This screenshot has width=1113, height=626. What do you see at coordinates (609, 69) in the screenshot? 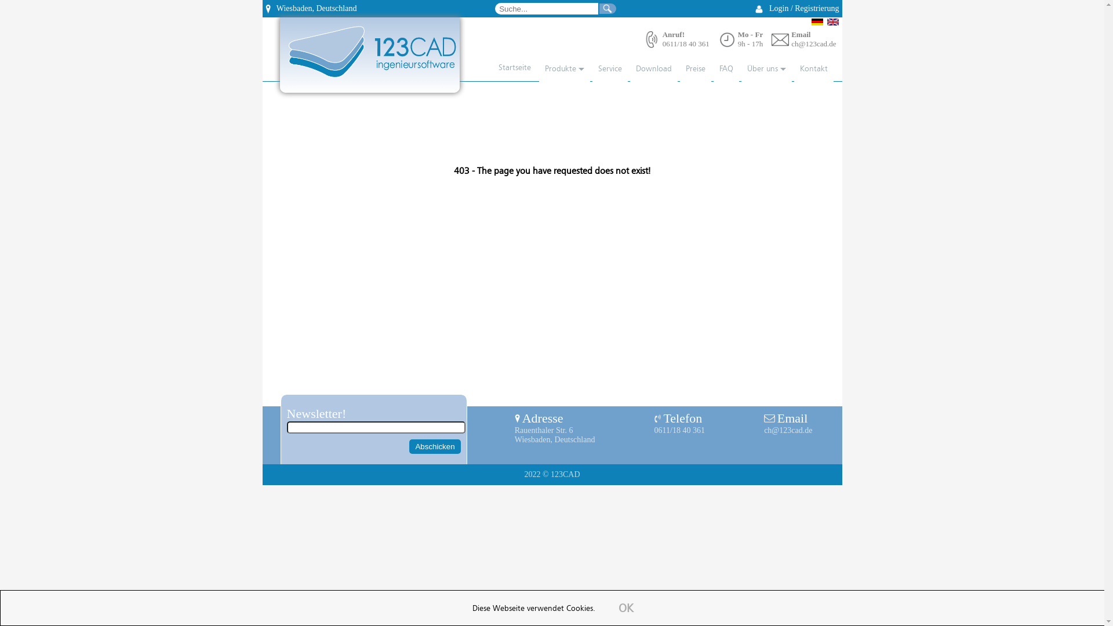
I see `'Service'` at bounding box center [609, 69].